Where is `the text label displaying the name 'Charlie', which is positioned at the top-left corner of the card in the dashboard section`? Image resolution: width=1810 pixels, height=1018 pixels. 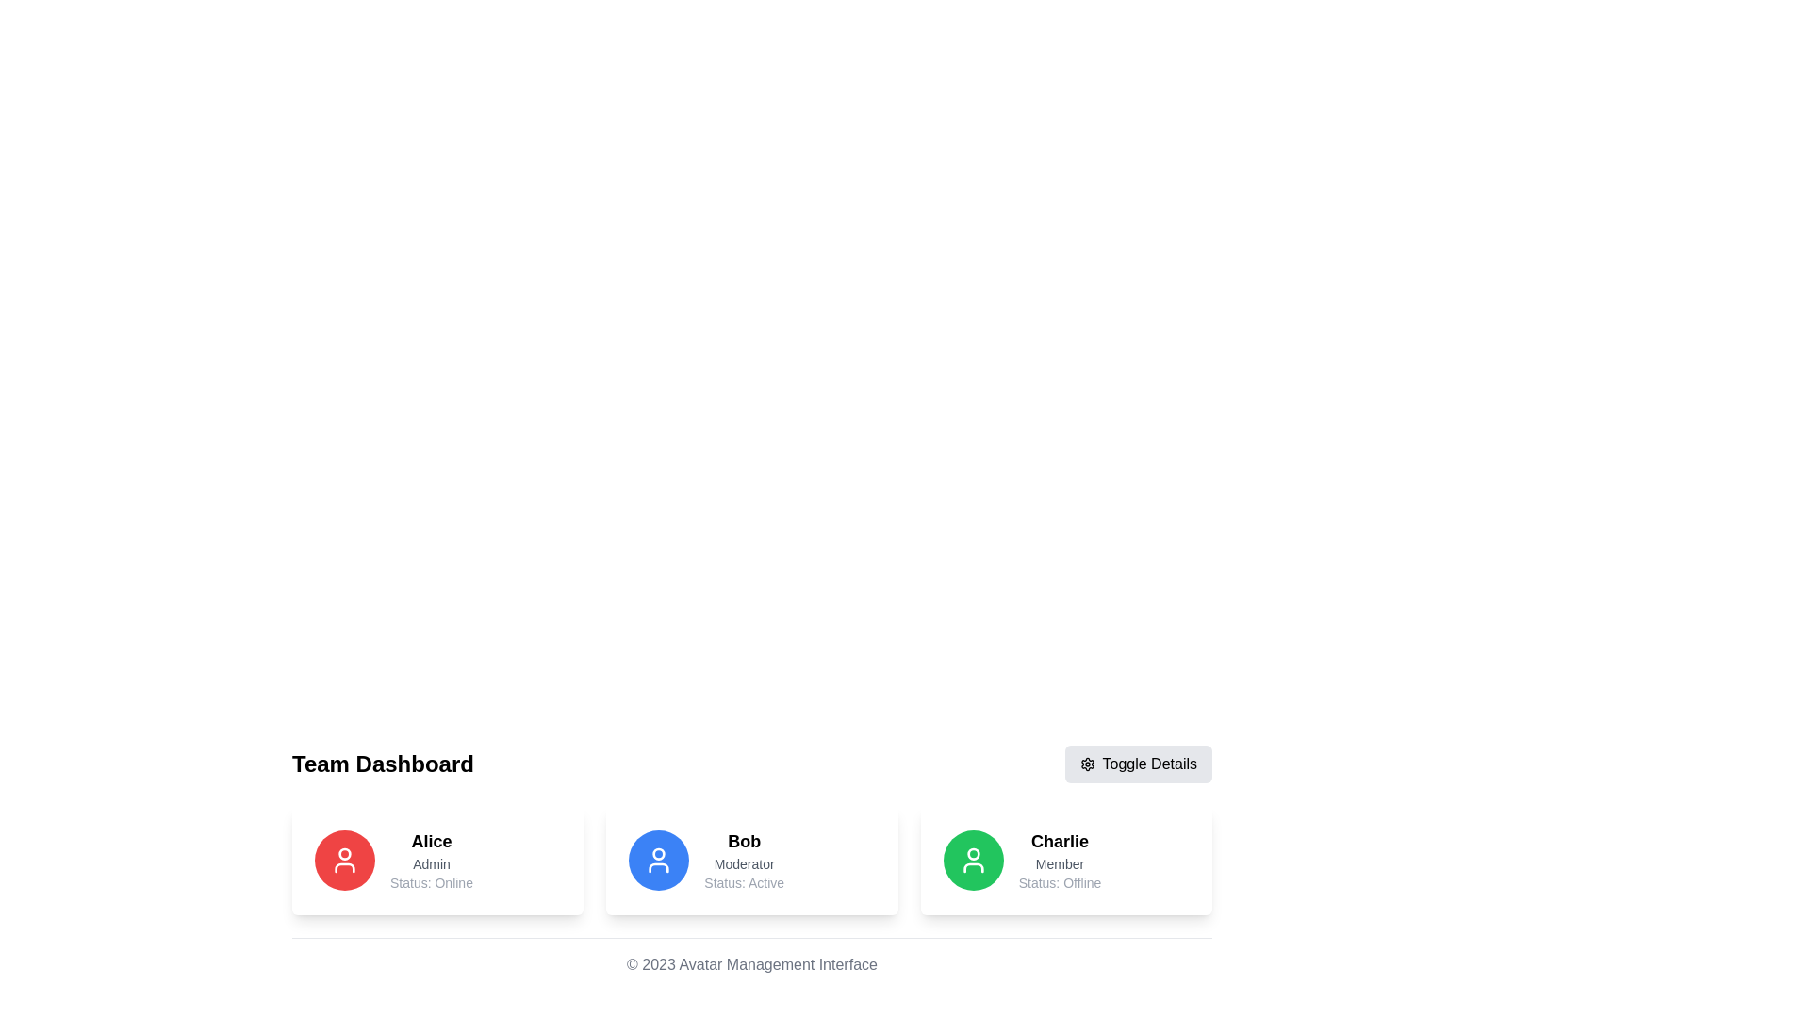
the text label displaying the name 'Charlie', which is positioned at the top-left corner of the card in the dashboard section is located at coordinates (1060, 841).